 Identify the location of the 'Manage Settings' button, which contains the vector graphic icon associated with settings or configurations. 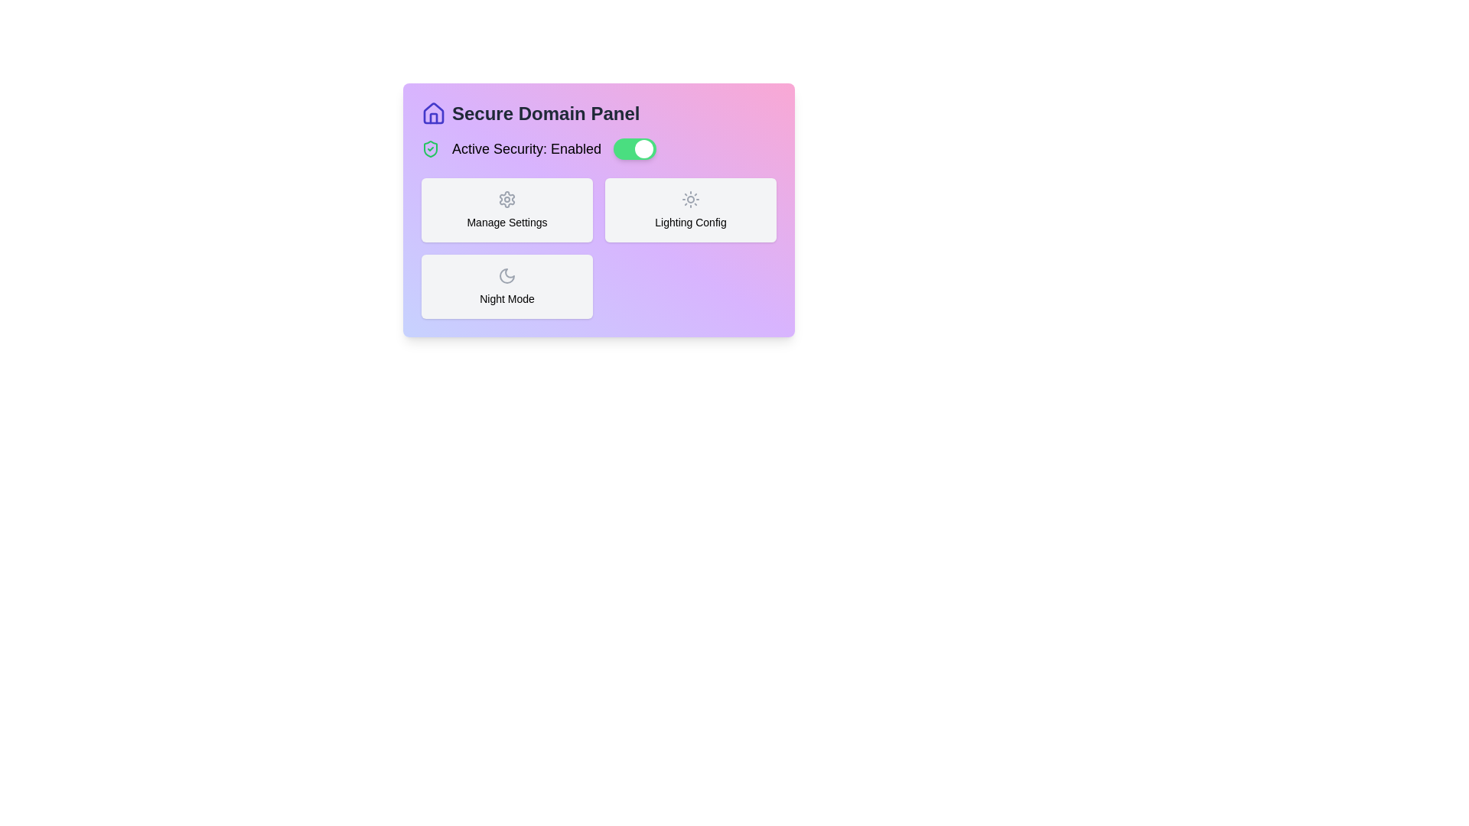
(506, 199).